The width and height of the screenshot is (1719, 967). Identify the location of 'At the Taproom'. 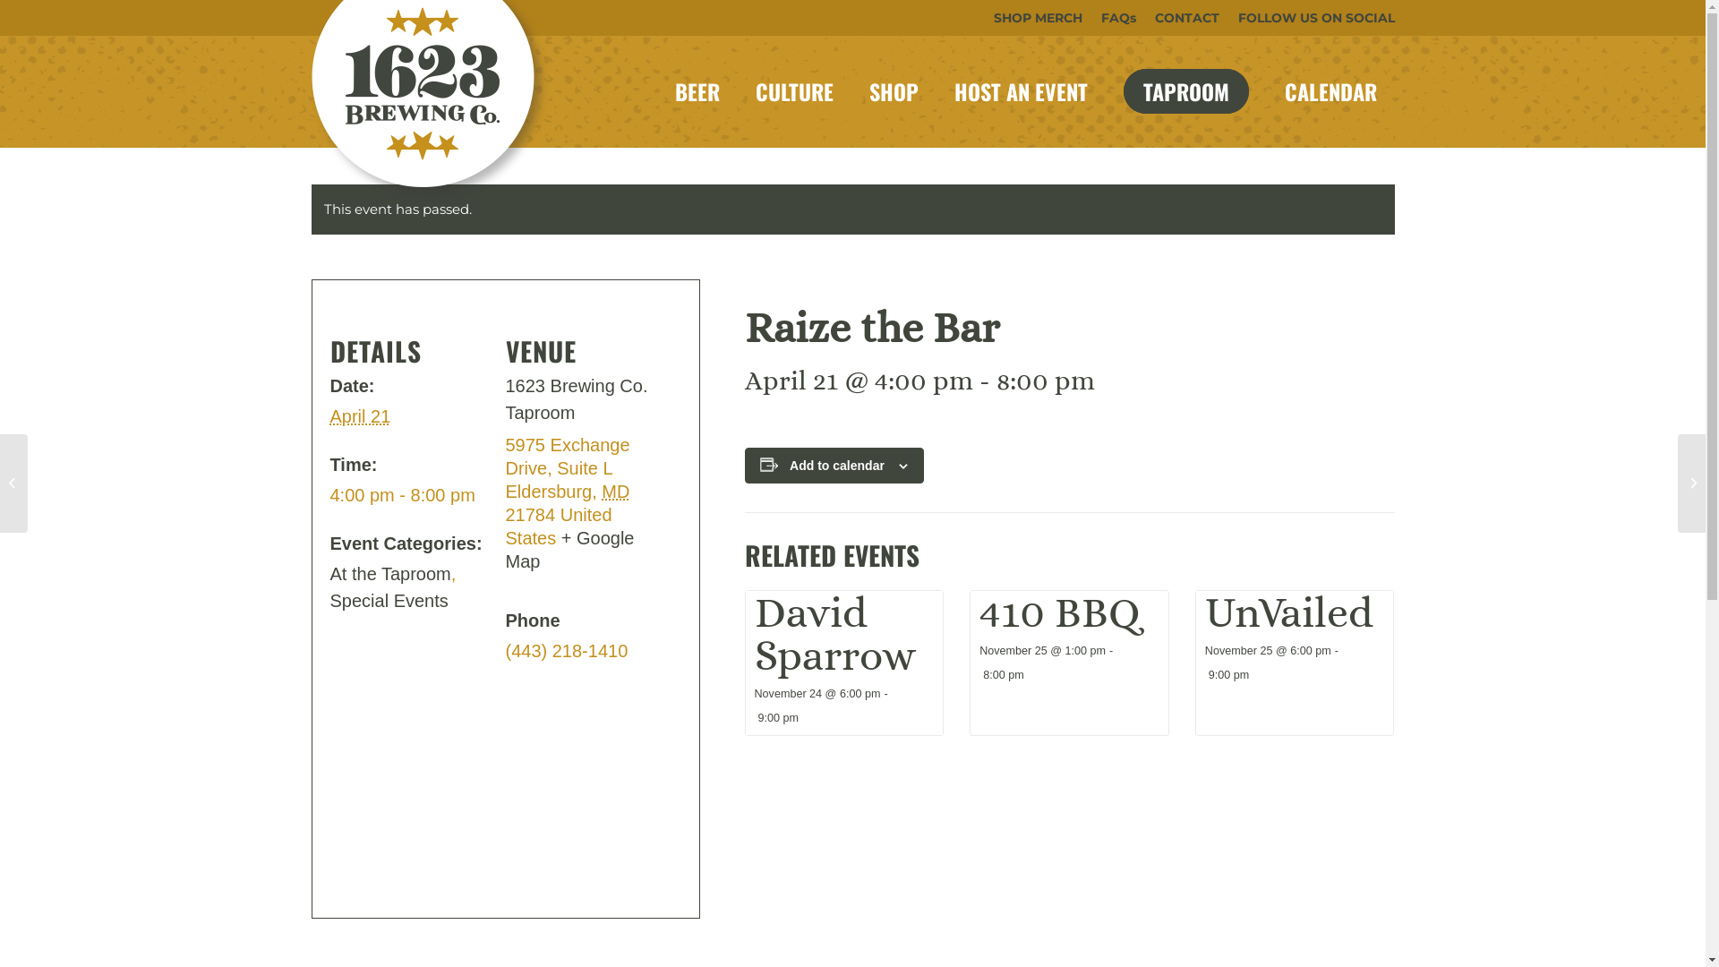
(389, 573).